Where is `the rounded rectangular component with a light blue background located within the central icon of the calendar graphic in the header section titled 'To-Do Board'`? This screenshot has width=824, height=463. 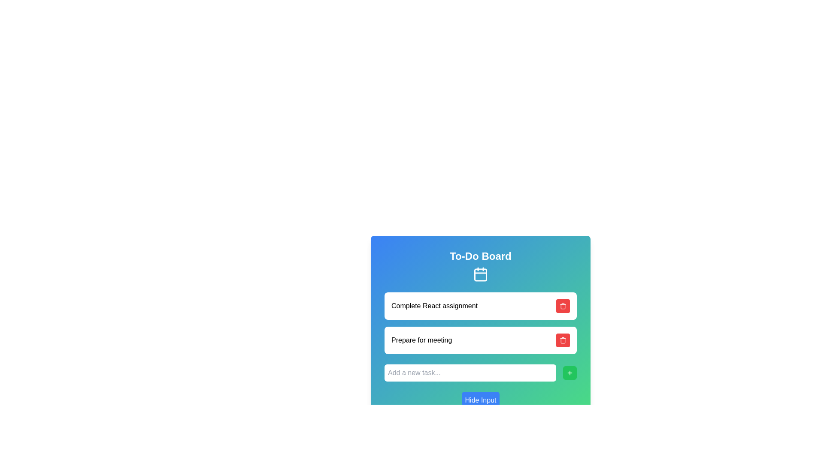
the rounded rectangular component with a light blue background located within the central icon of the calendar graphic in the header section titled 'To-Do Board' is located at coordinates (480, 275).